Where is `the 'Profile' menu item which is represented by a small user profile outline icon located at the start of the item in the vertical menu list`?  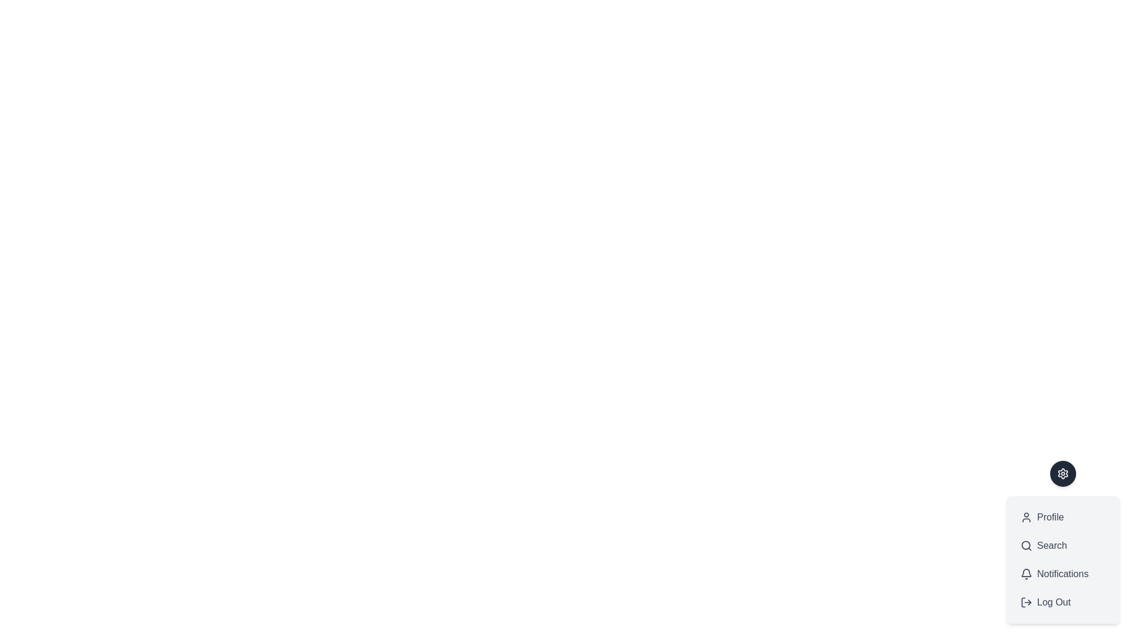
the 'Profile' menu item which is represented by a small user profile outline icon located at the start of the item in the vertical menu list is located at coordinates (1025, 516).